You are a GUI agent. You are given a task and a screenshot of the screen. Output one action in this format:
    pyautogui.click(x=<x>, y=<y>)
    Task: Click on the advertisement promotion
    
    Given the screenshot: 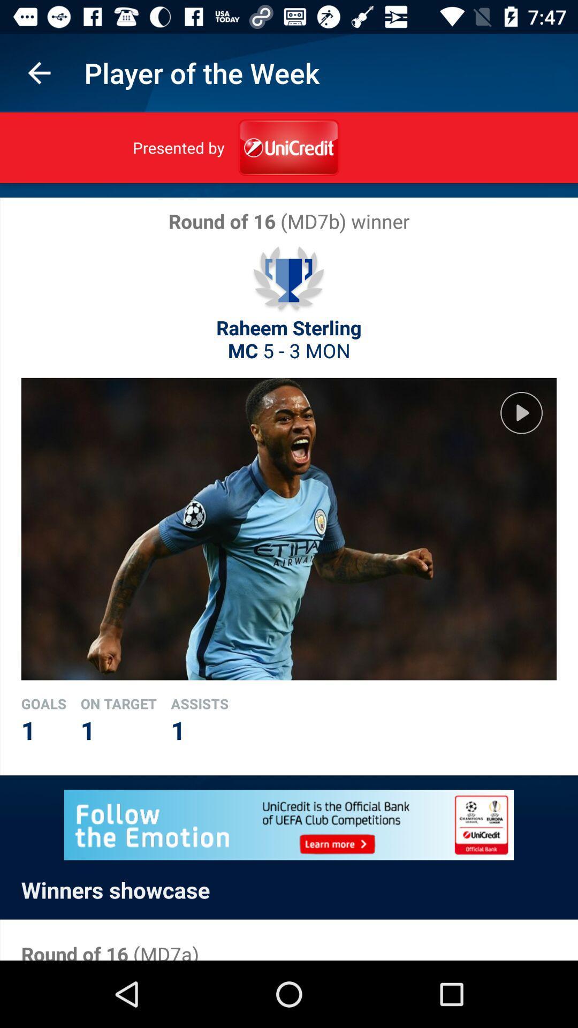 What is the action you would take?
    pyautogui.click(x=289, y=824)
    